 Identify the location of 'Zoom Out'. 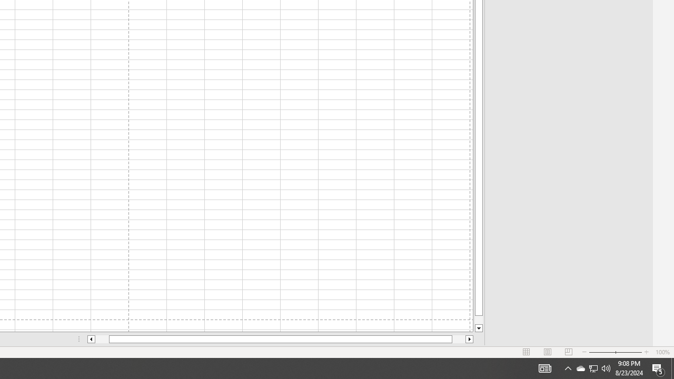
(602, 352).